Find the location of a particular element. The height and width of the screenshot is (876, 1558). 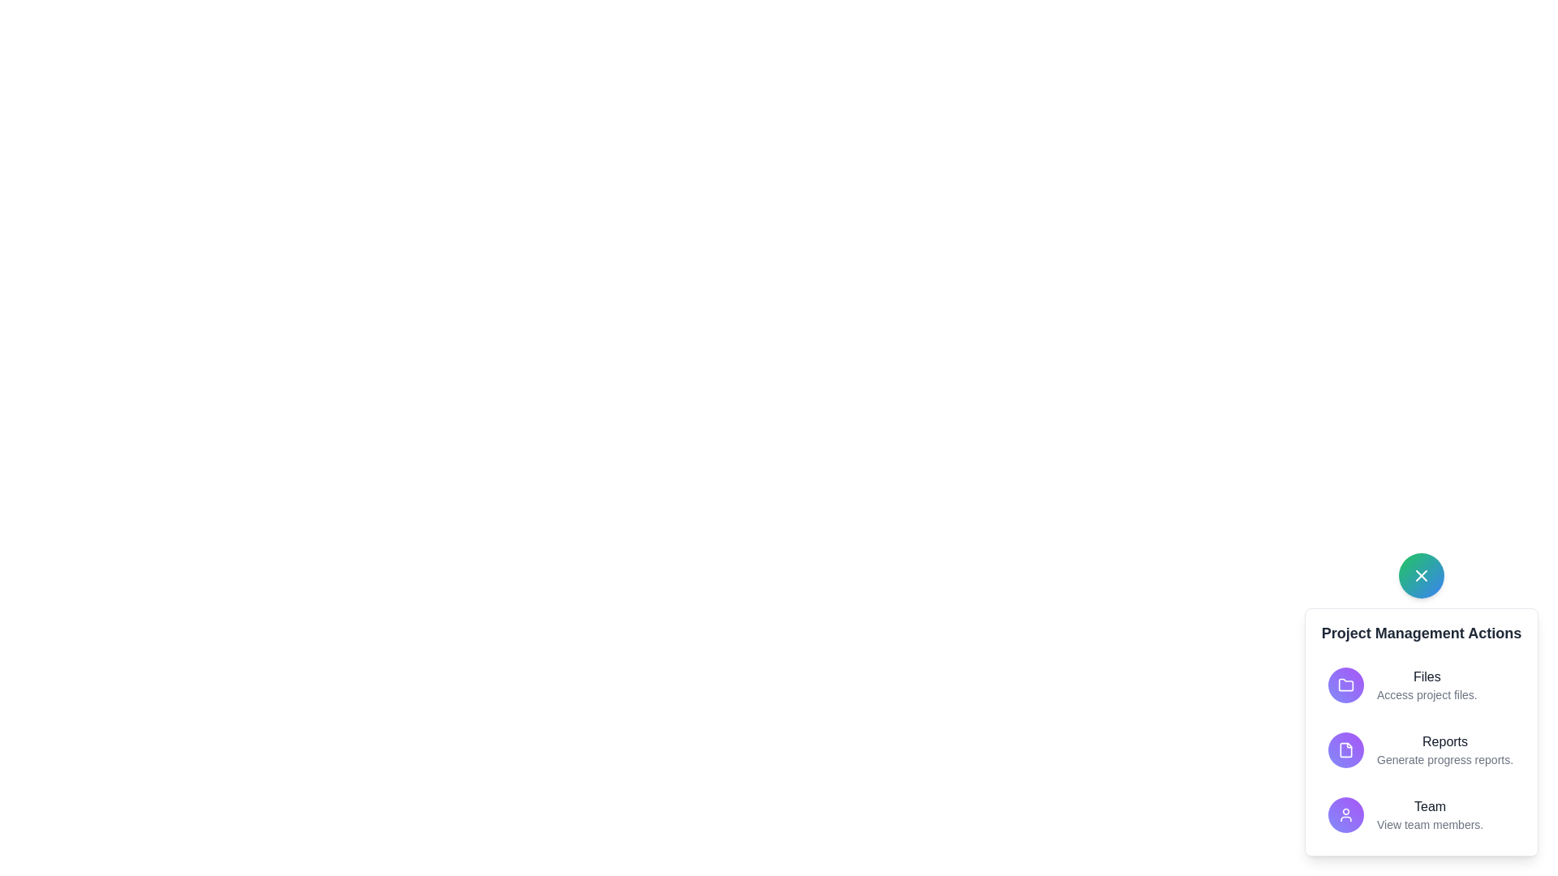

the speed dial button to collapse the menu is located at coordinates (1421, 574).